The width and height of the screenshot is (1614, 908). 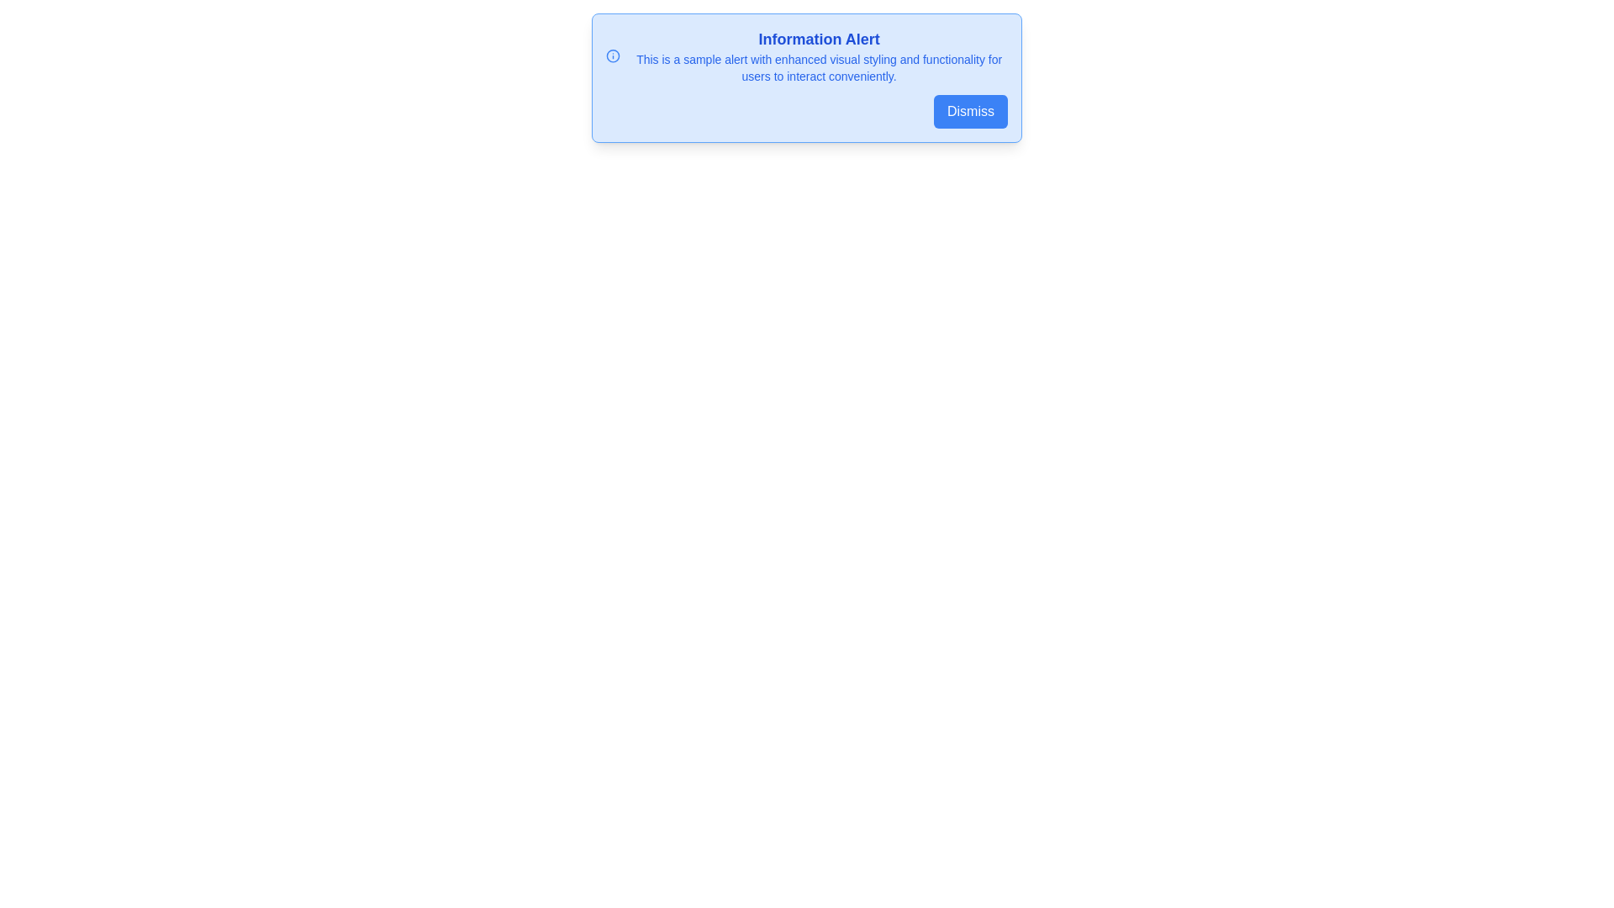 What do you see at coordinates (819, 67) in the screenshot?
I see `the text element displaying the message 'This is a sample alert with enhanced visual styling and functionality for users to interact conveniently.' located within the alert box` at bounding box center [819, 67].